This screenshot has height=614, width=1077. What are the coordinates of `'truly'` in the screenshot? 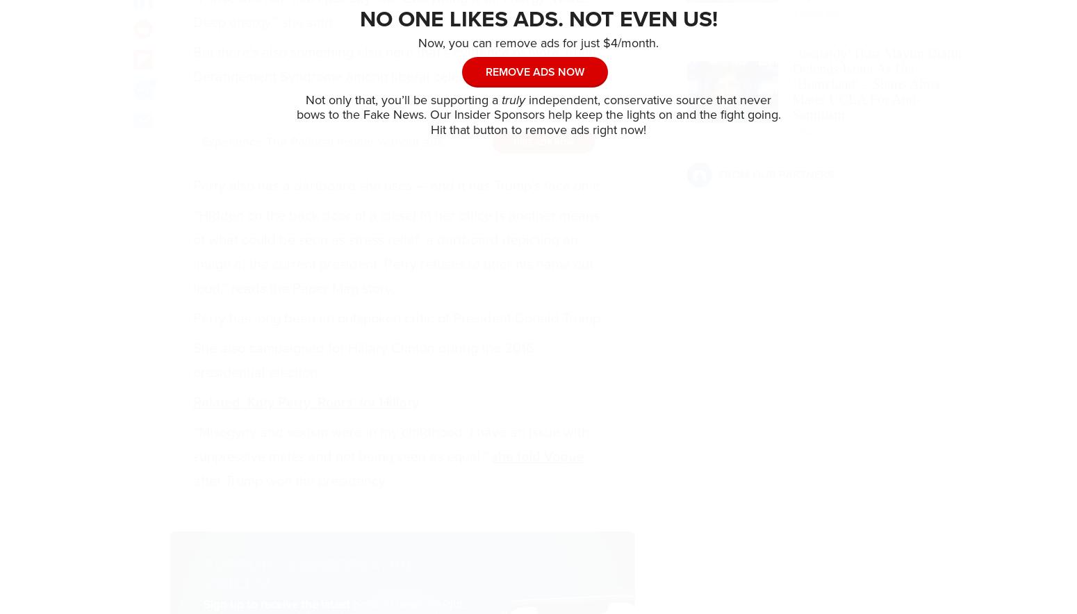 It's located at (513, 99).